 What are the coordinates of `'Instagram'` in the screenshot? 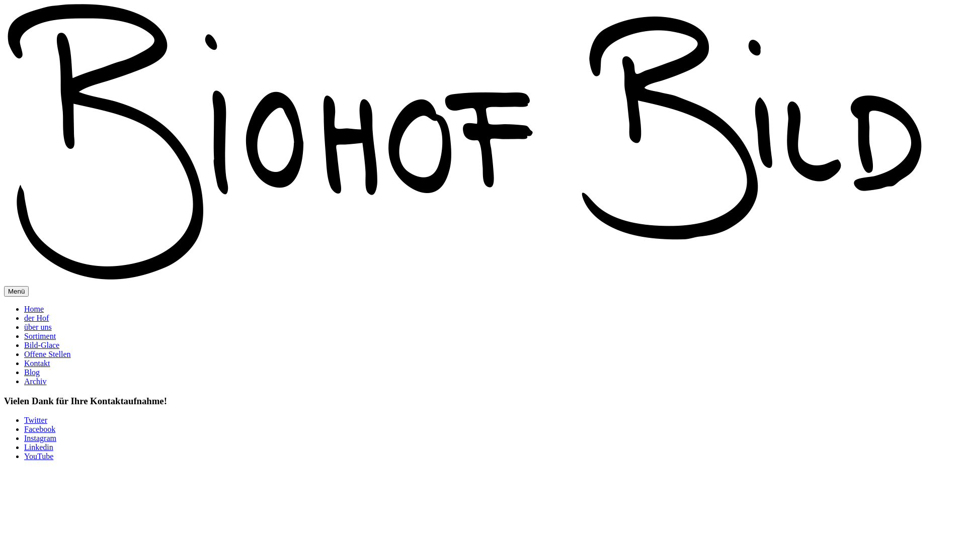 It's located at (40, 437).